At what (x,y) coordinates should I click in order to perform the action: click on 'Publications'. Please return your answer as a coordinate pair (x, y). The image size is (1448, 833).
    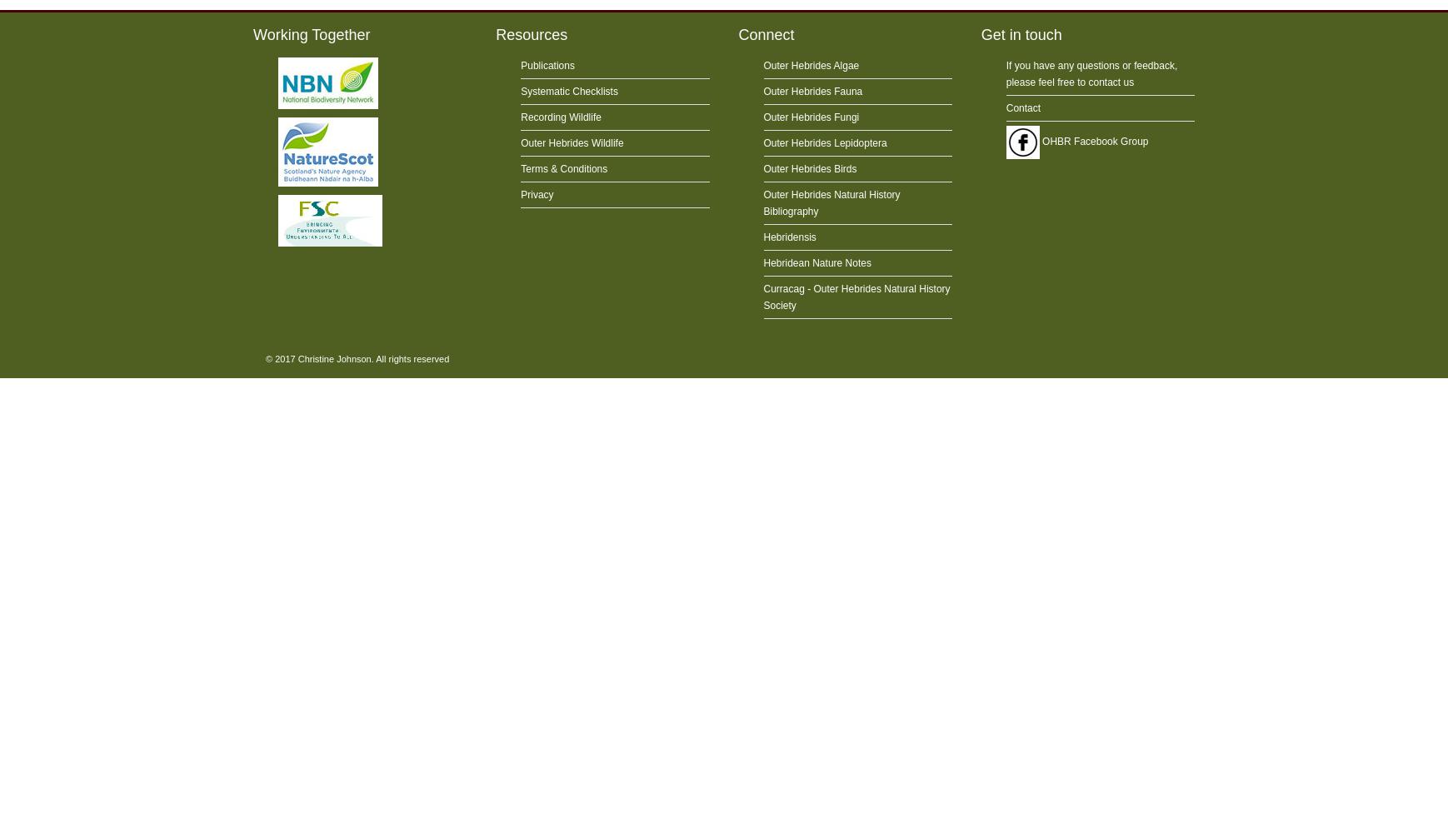
    Looking at the image, I should click on (547, 65).